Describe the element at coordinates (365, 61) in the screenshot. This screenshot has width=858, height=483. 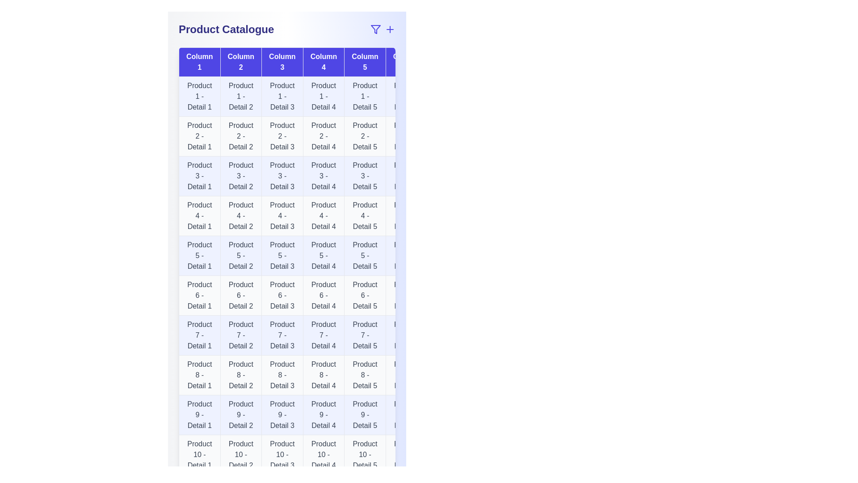
I see `the header of column Column 5 to sort the table by that column` at that location.